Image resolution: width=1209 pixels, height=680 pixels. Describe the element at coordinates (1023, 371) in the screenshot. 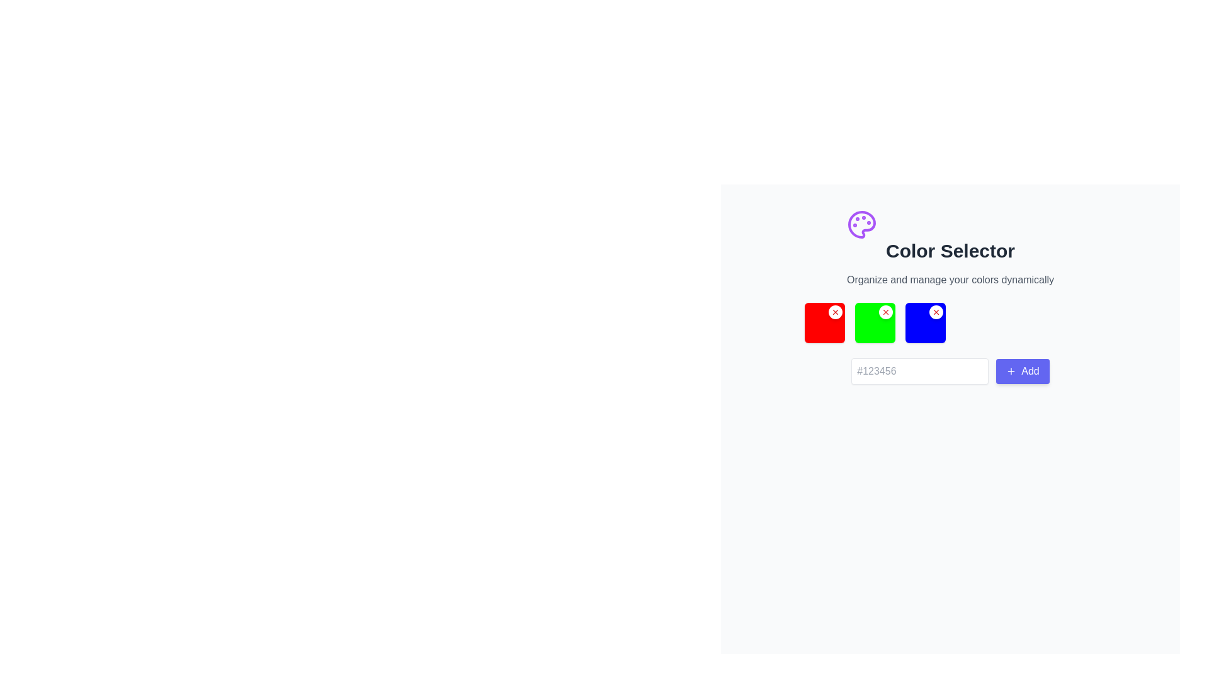

I see `the blue 'Add' button with a '+' icon located to the right of the input field labeled '#123456'` at that location.